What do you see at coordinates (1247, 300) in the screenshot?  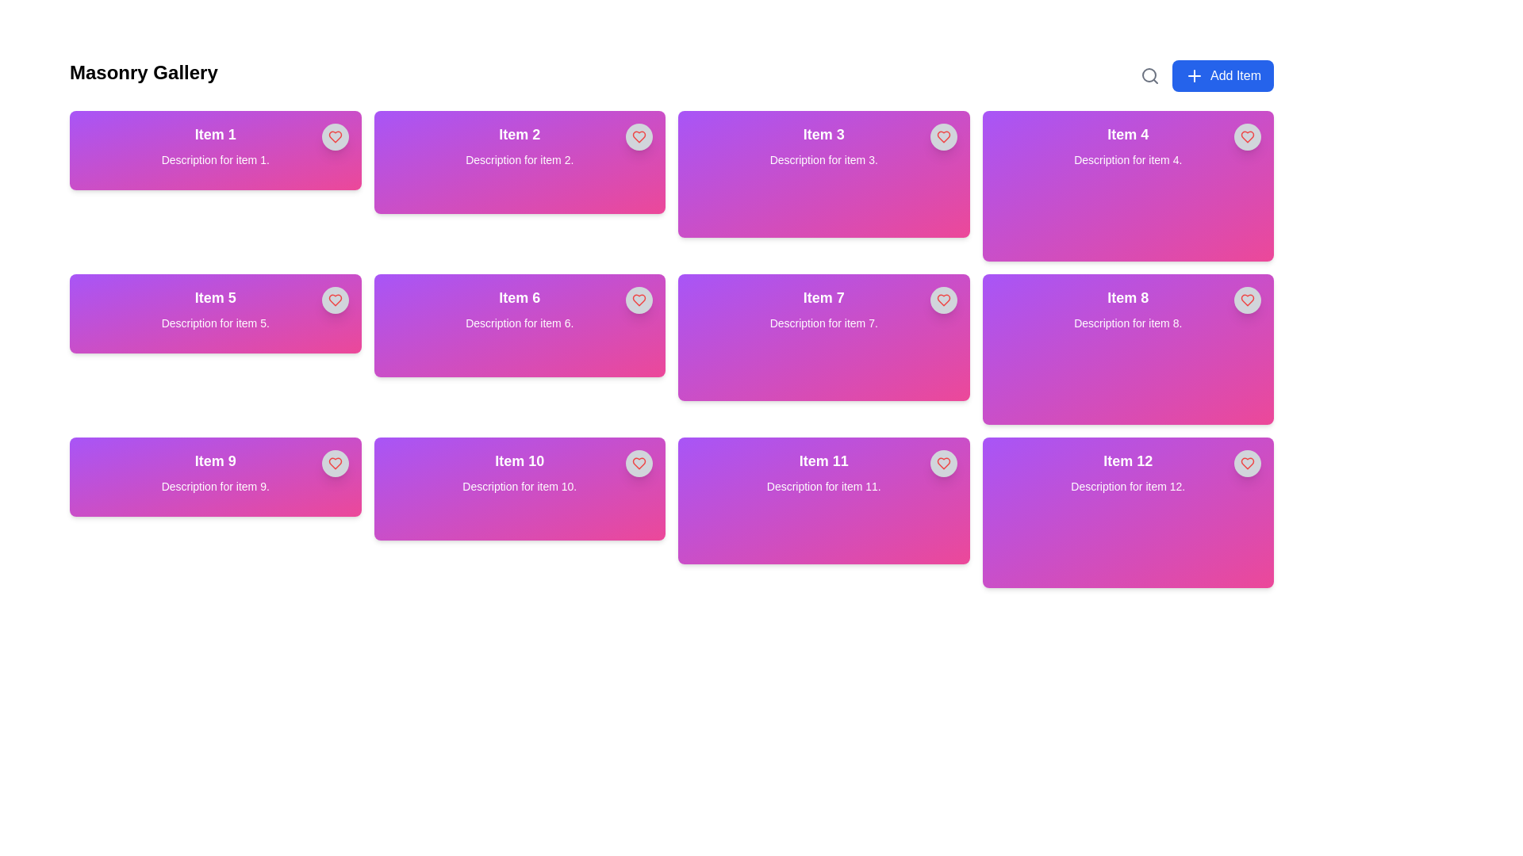 I see `the interactive button in the top-right corner of the card titled 'Item 8' to like the item` at bounding box center [1247, 300].